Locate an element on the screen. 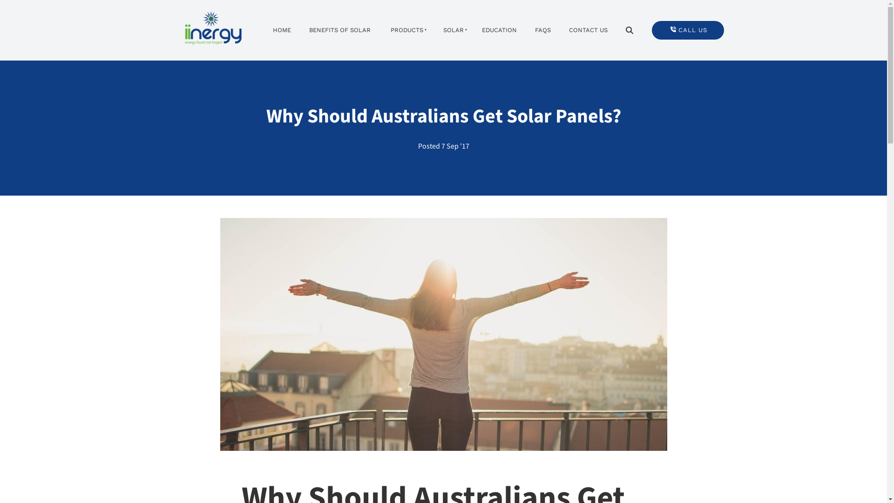 The width and height of the screenshot is (894, 503). 'FAQS' is located at coordinates (543, 30).